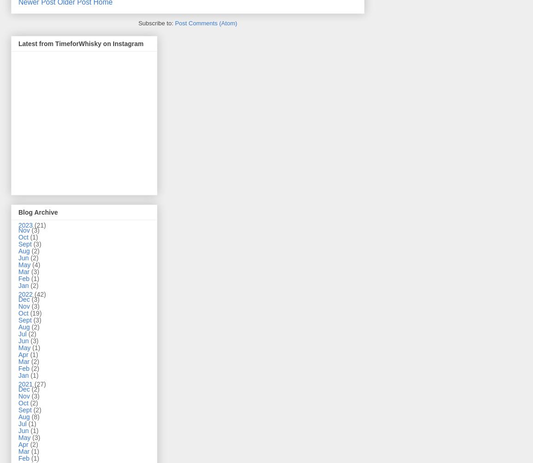 This screenshot has width=533, height=463. Describe the element at coordinates (35, 416) in the screenshot. I see `'(8)'` at that location.